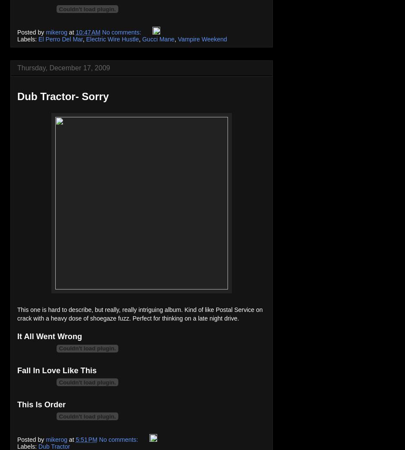 This screenshot has height=450, width=405. What do you see at coordinates (41, 404) in the screenshot?
I see `'This Is Order'` at bounding box center [41, 404].